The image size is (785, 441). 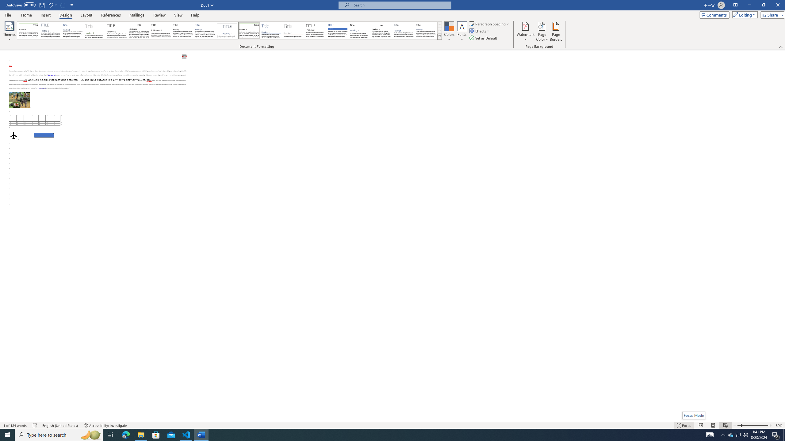 What do you see at coordinates (779, 425) in the screenshot?
I see `'Zoom 30%'` at bounding box center [779, 425].